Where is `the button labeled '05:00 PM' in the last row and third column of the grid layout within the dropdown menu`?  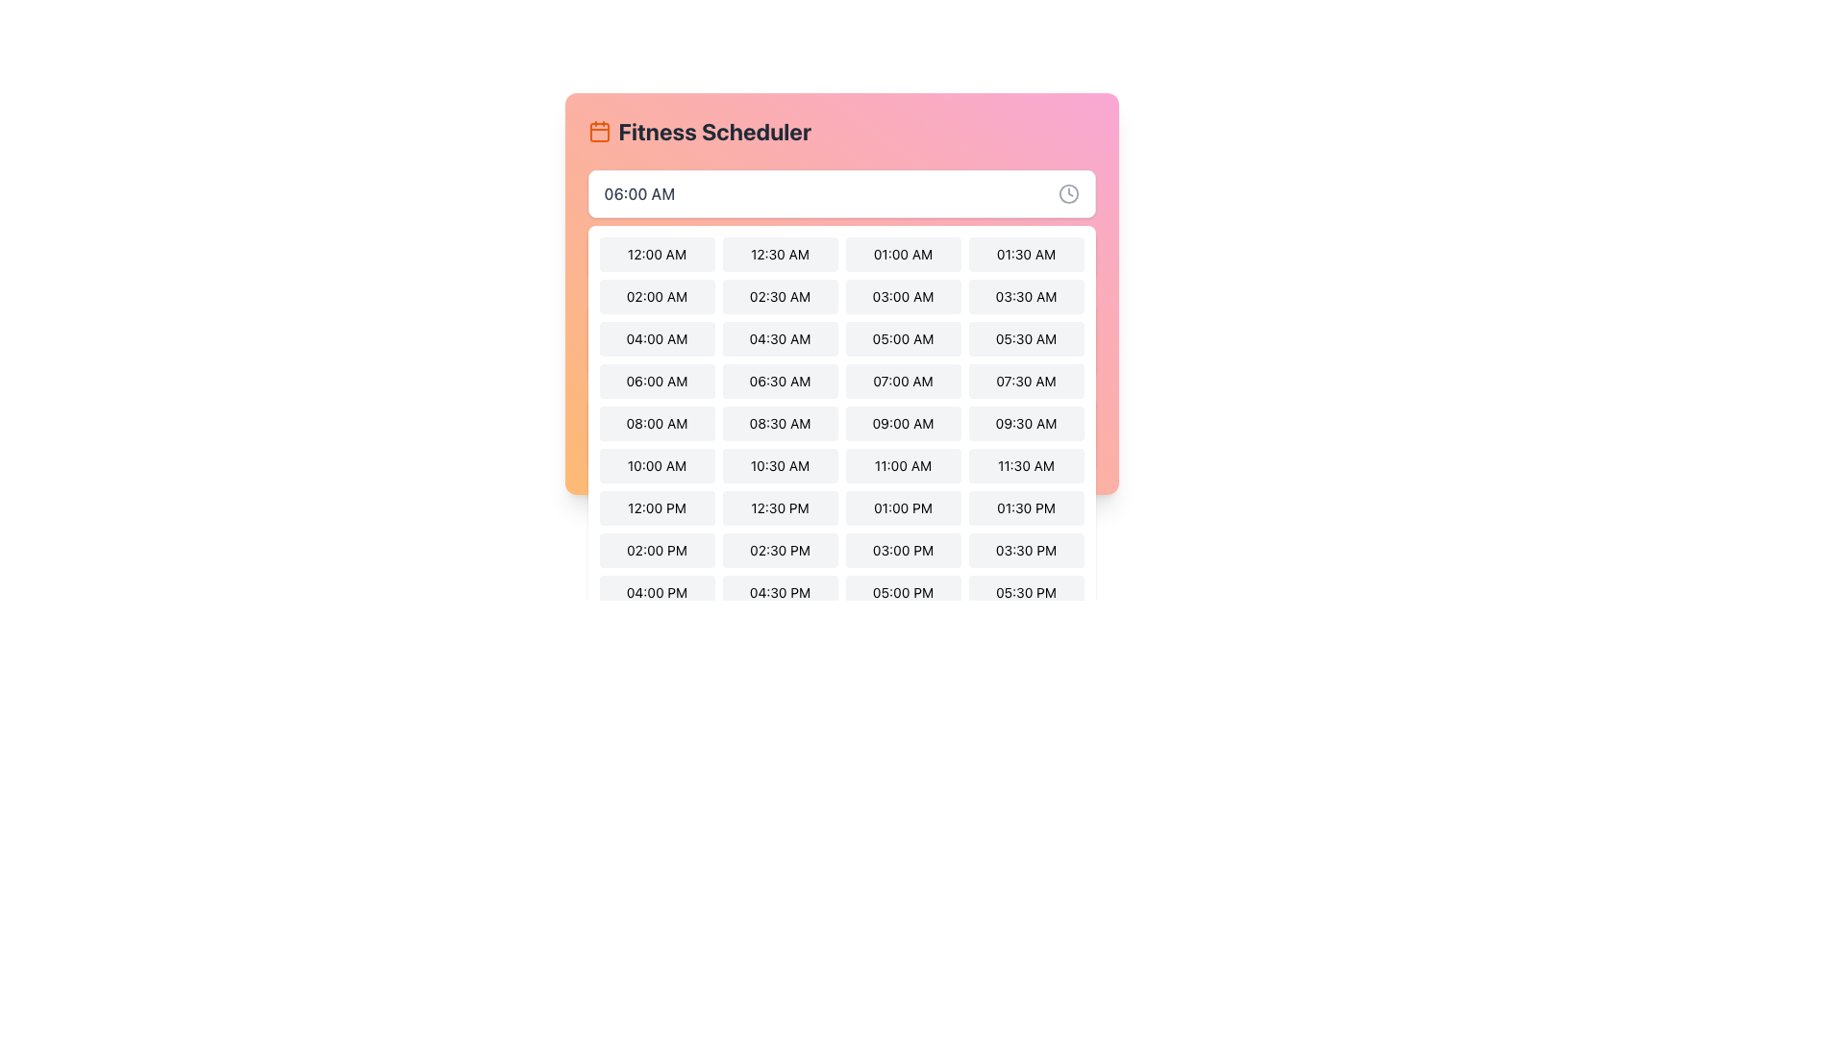
the button labeled '05:00 PM' in the last row and third column of the grid layout within the dropdown menu is located at coordinates (902, 592).